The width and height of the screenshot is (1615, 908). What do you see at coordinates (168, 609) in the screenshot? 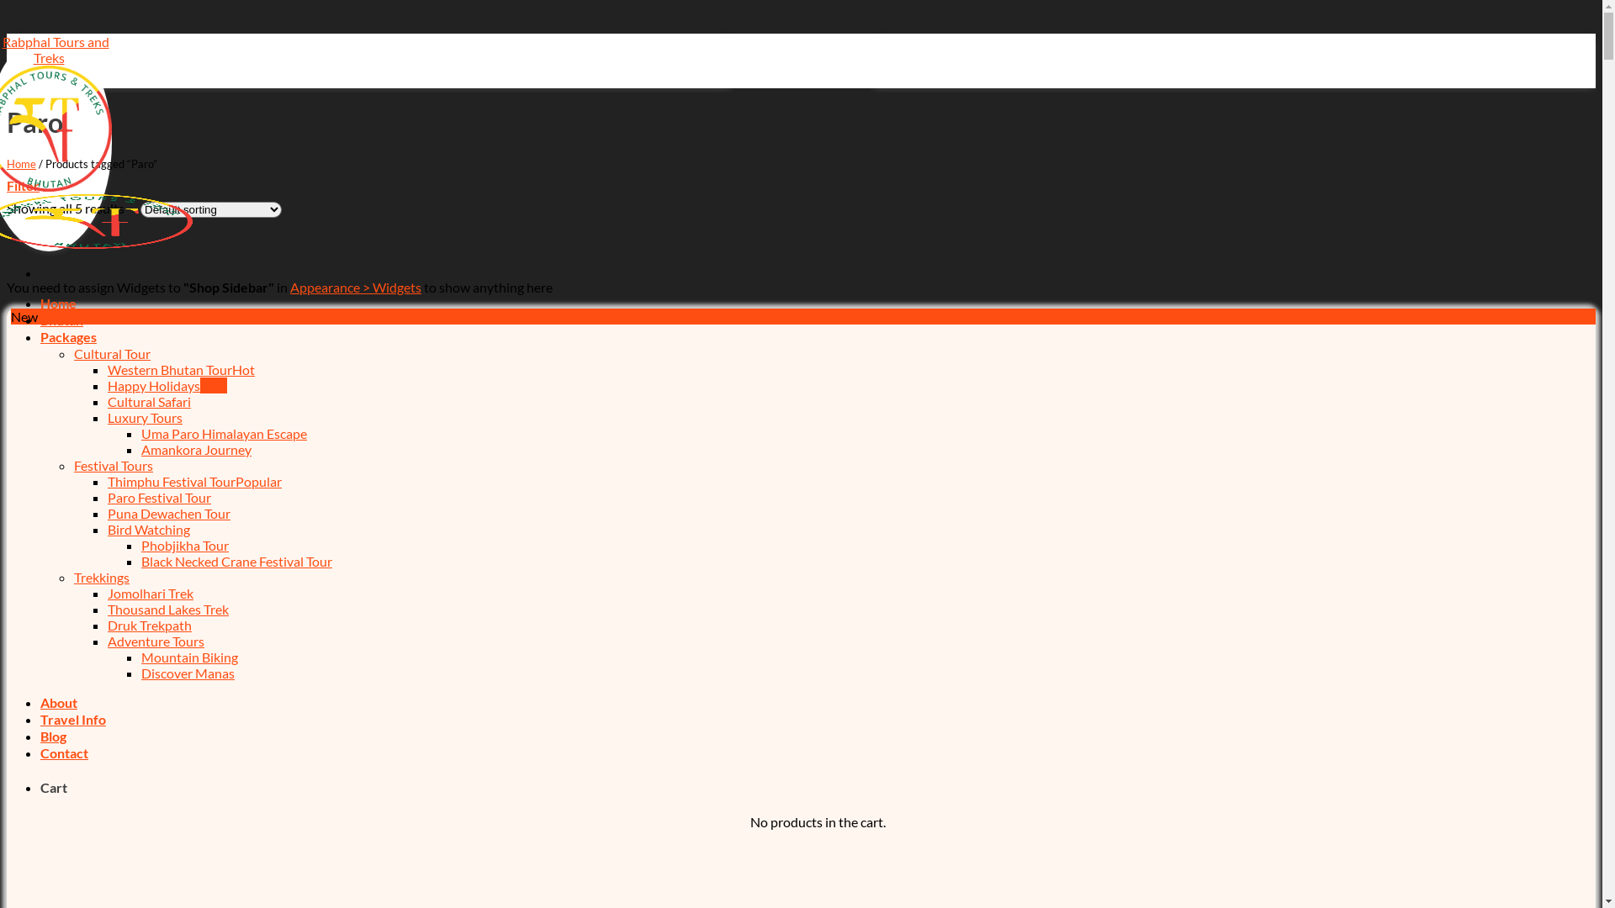
I see `'Thousand Lakes Trek'` at bounding box center [168, 609].